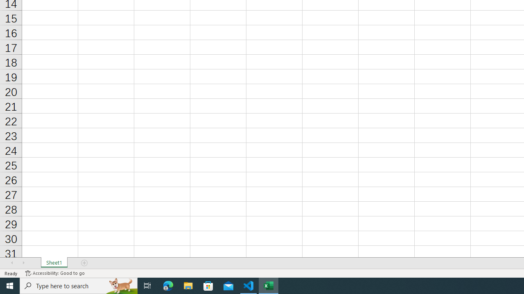 This screenshot has width=524, height=294. Describe the element at coordinates (23, 263) in the screenshot. I see `'Scroll Right'` at that location.